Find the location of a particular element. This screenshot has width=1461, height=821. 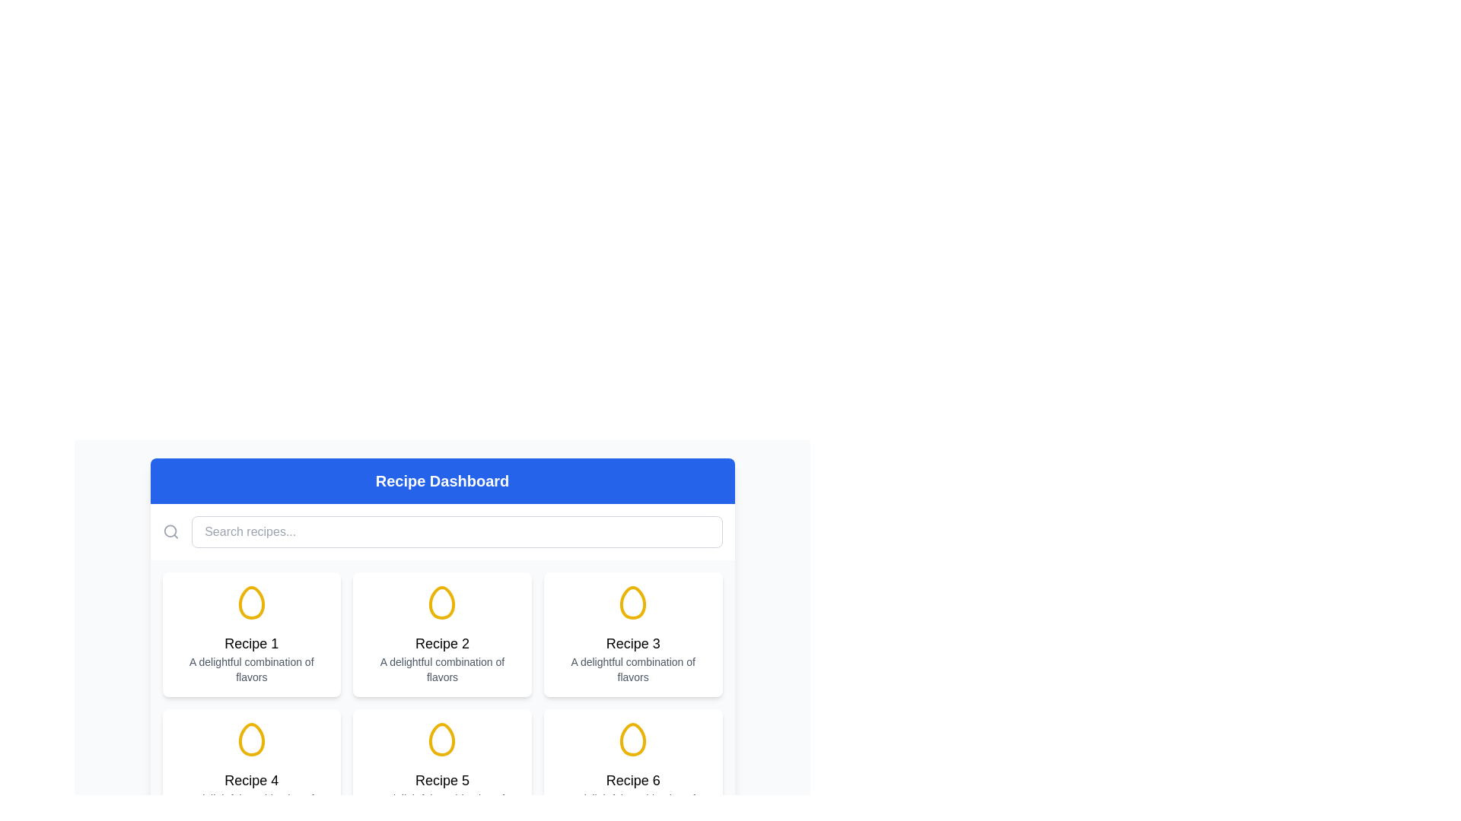

the egg-shaped Decorative icon with a yellow stroke and transparent fill, located above the title text 'Recipe 6' in the sixth tile of the recipe grid is located at coordinates (633, 738).